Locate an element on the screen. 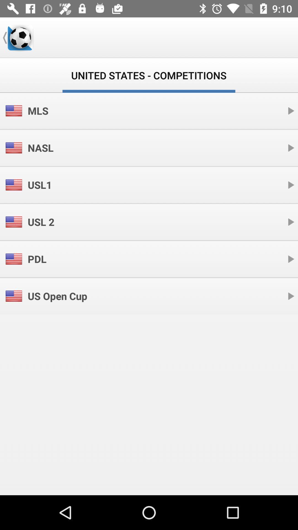 The height and width of the screenshot is (530, 298). item below the usl 2 is located at coordinates (37, 259).